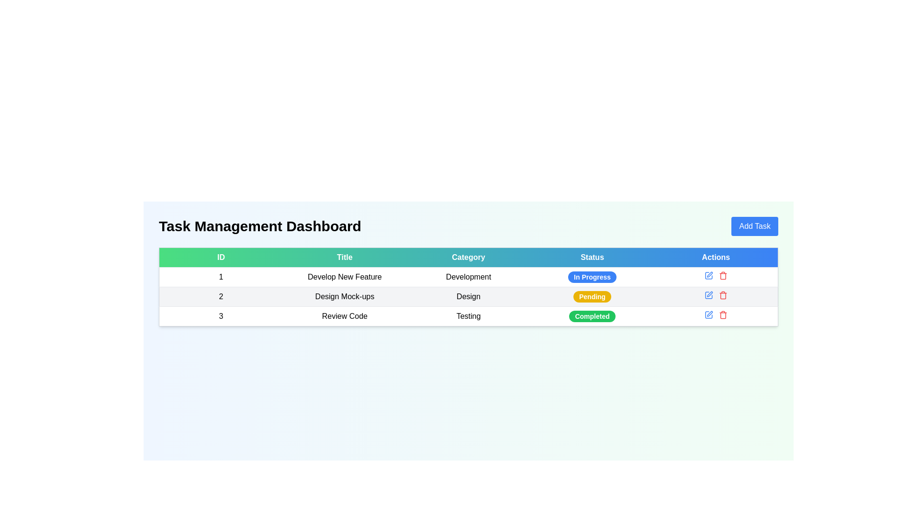  I want to click on the category label located in the third cell of the 'Category' column in the table below the 'Task Management Dashboard' heading, so click(469, 277).